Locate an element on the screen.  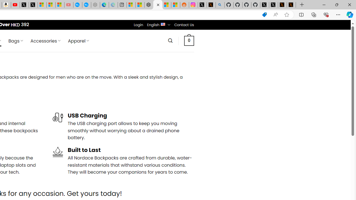
'help.x.com | 524: A timeout occurred' is located at coordinates (211, 5).